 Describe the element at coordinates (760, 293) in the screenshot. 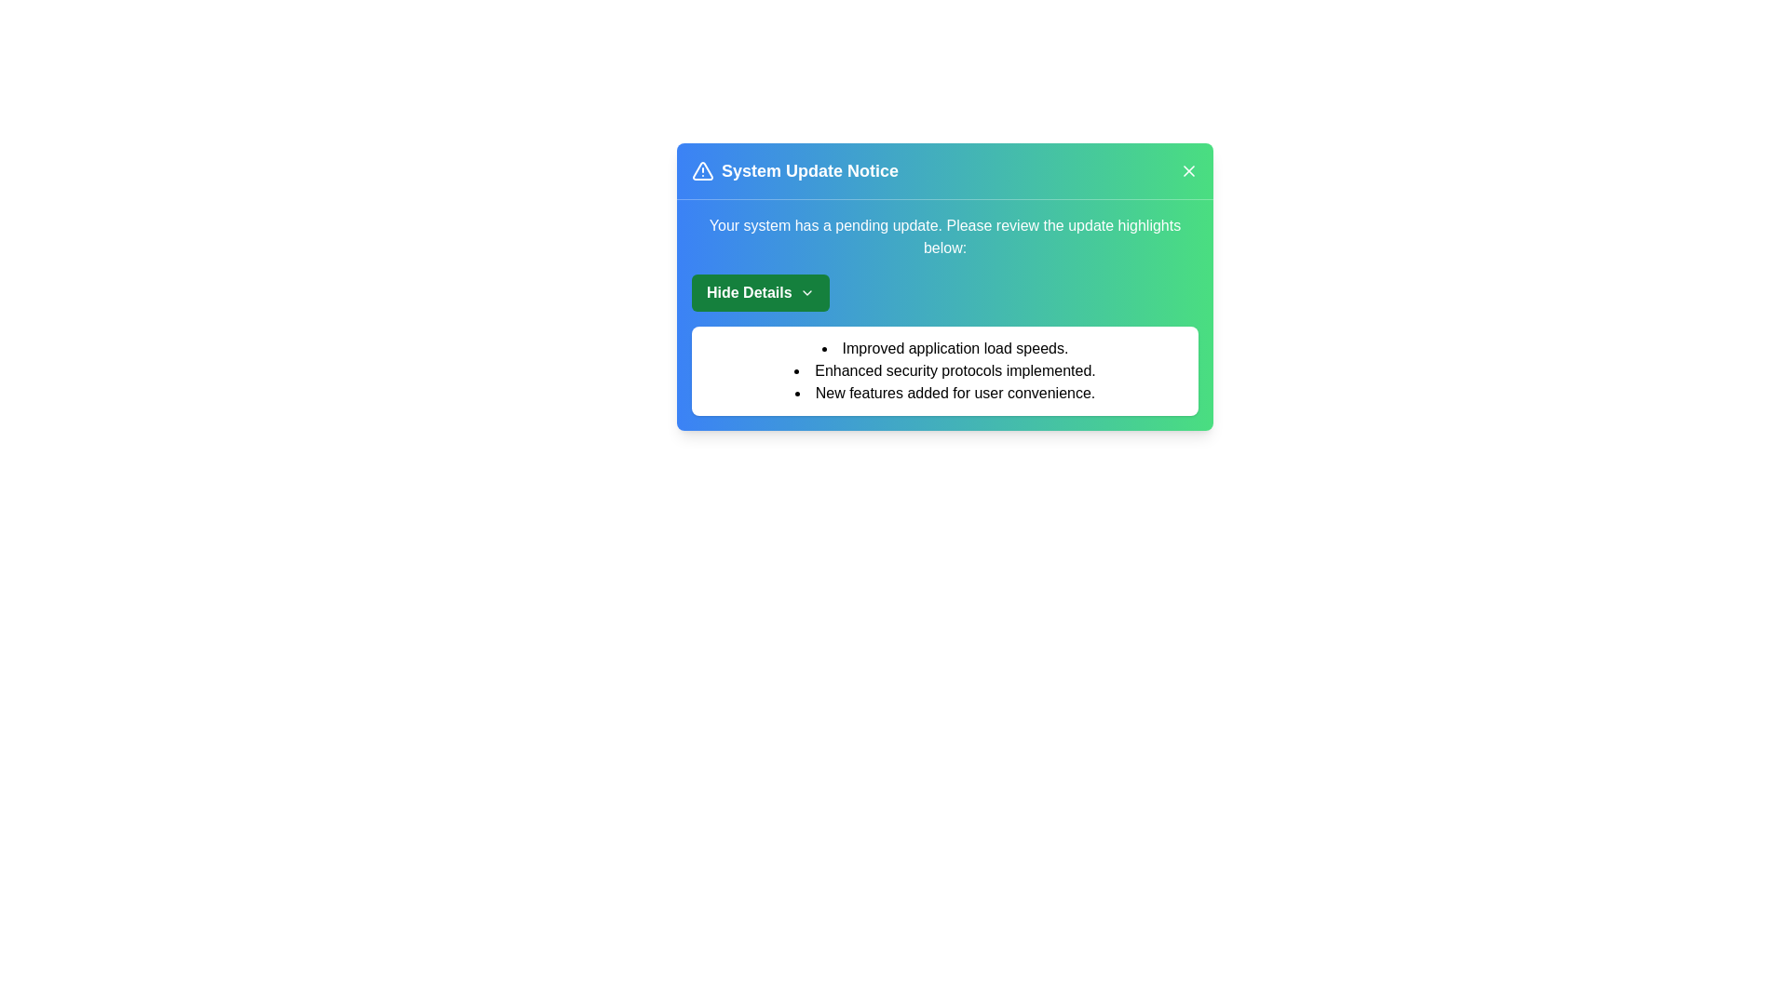

I see `'Hide Details' button to toggle the visibility of the details section` at that location.